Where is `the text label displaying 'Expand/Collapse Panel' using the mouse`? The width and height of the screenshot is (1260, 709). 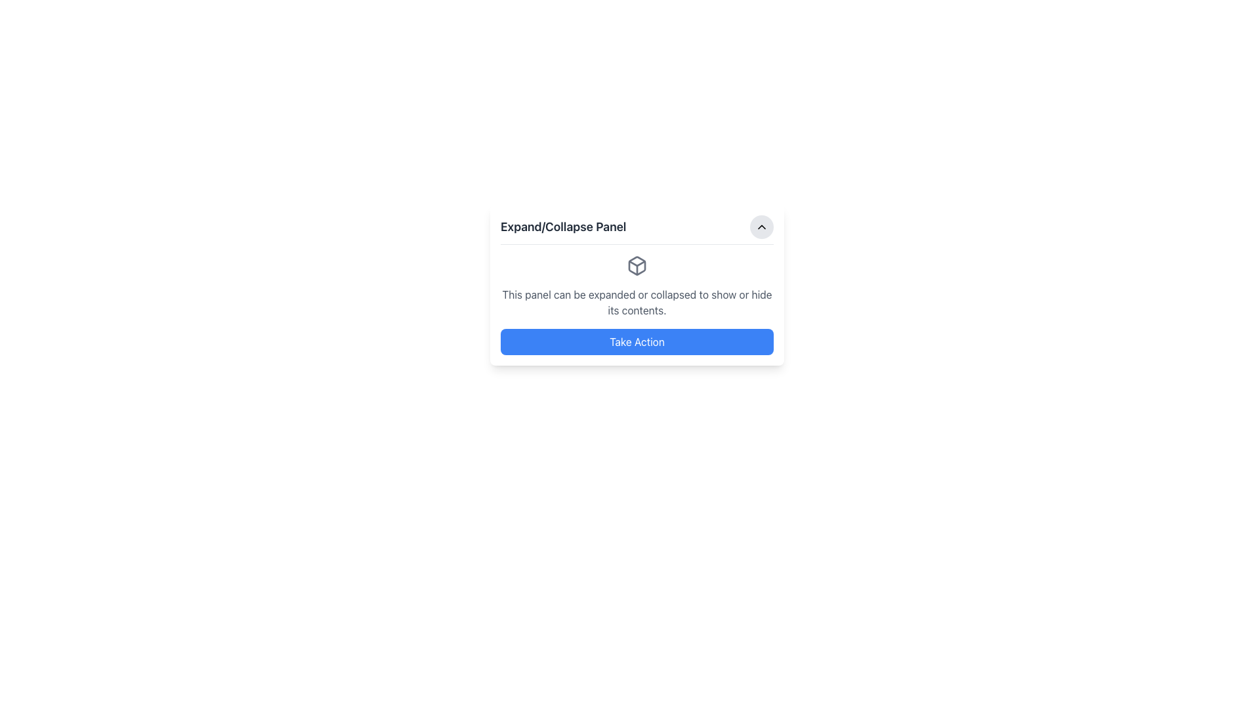 the text label displaying 'Expand/Collapse Panel' using the mouse is located at coordinates (563, 226).